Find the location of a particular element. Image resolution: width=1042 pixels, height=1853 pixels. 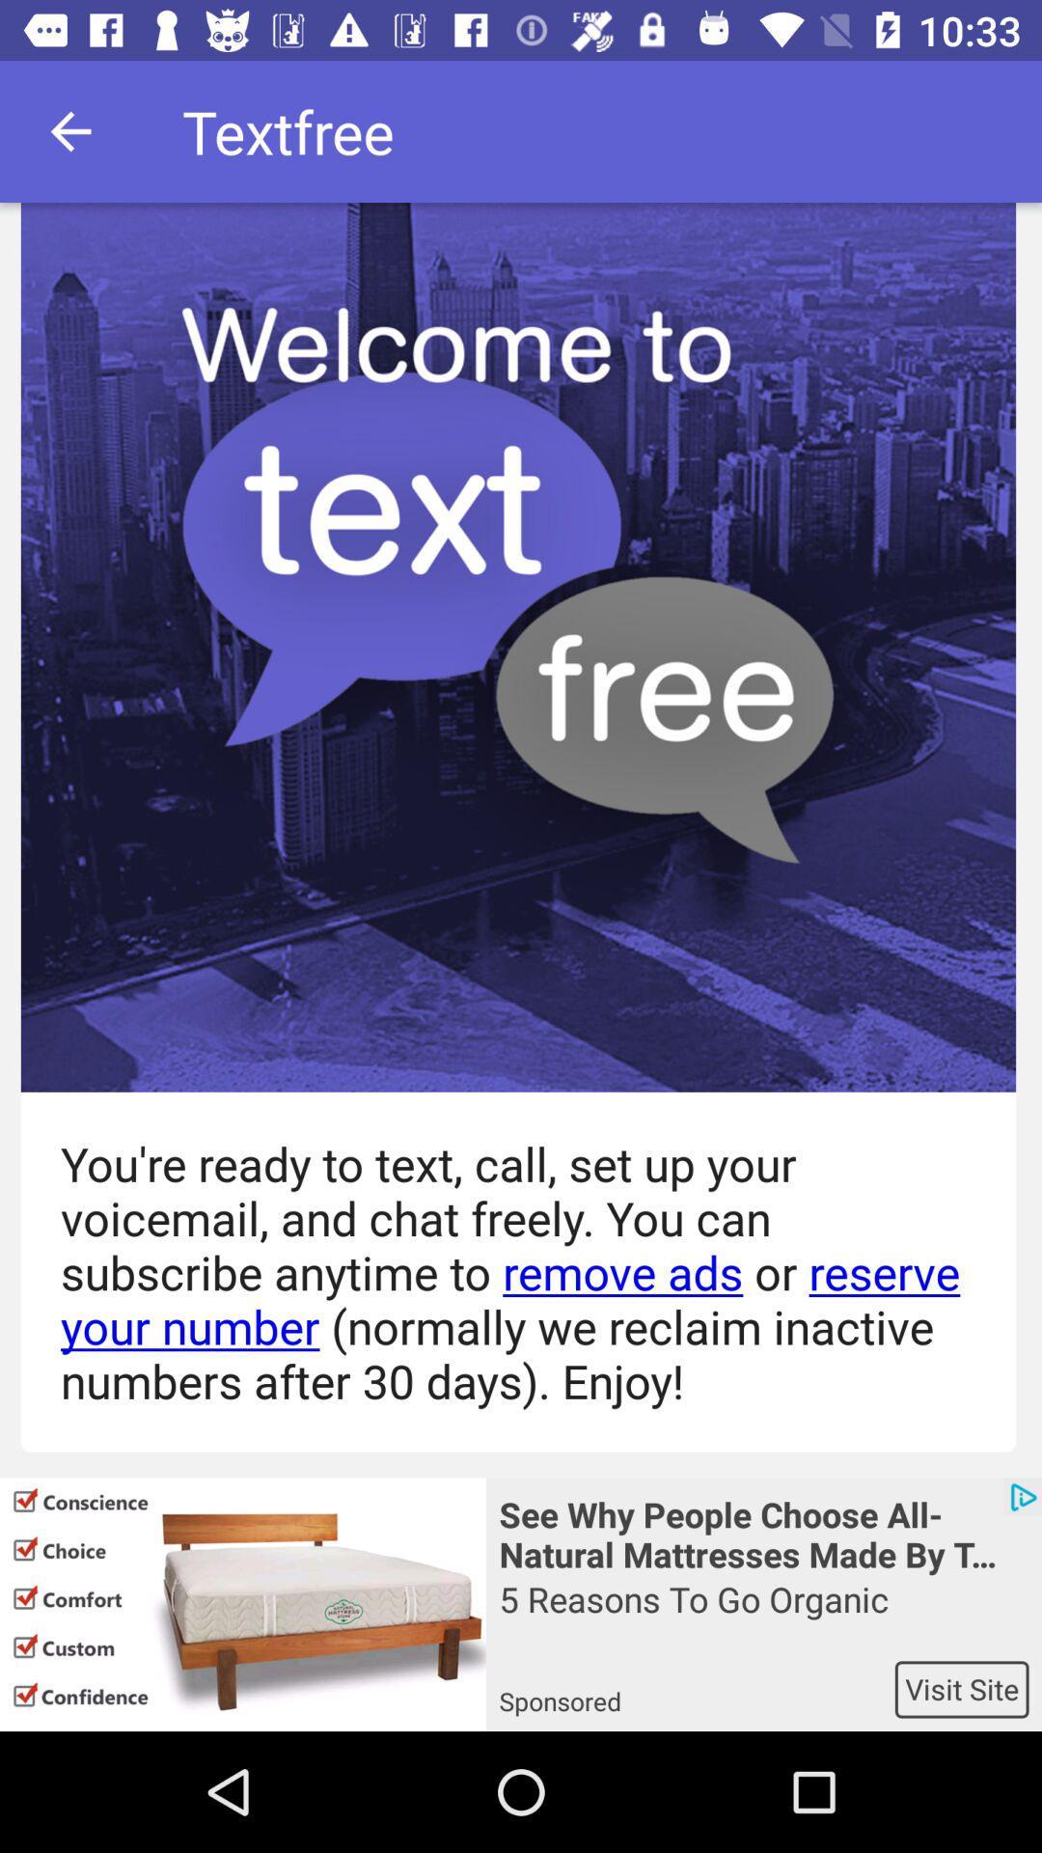

the item next to the textfree is located at coordinates (69, 130).